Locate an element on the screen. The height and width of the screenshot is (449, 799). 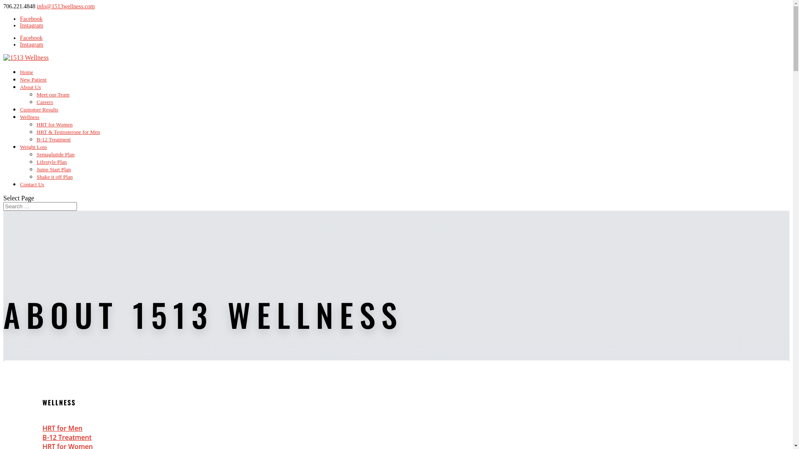
'About Us' is located at coordinates (30, 87).